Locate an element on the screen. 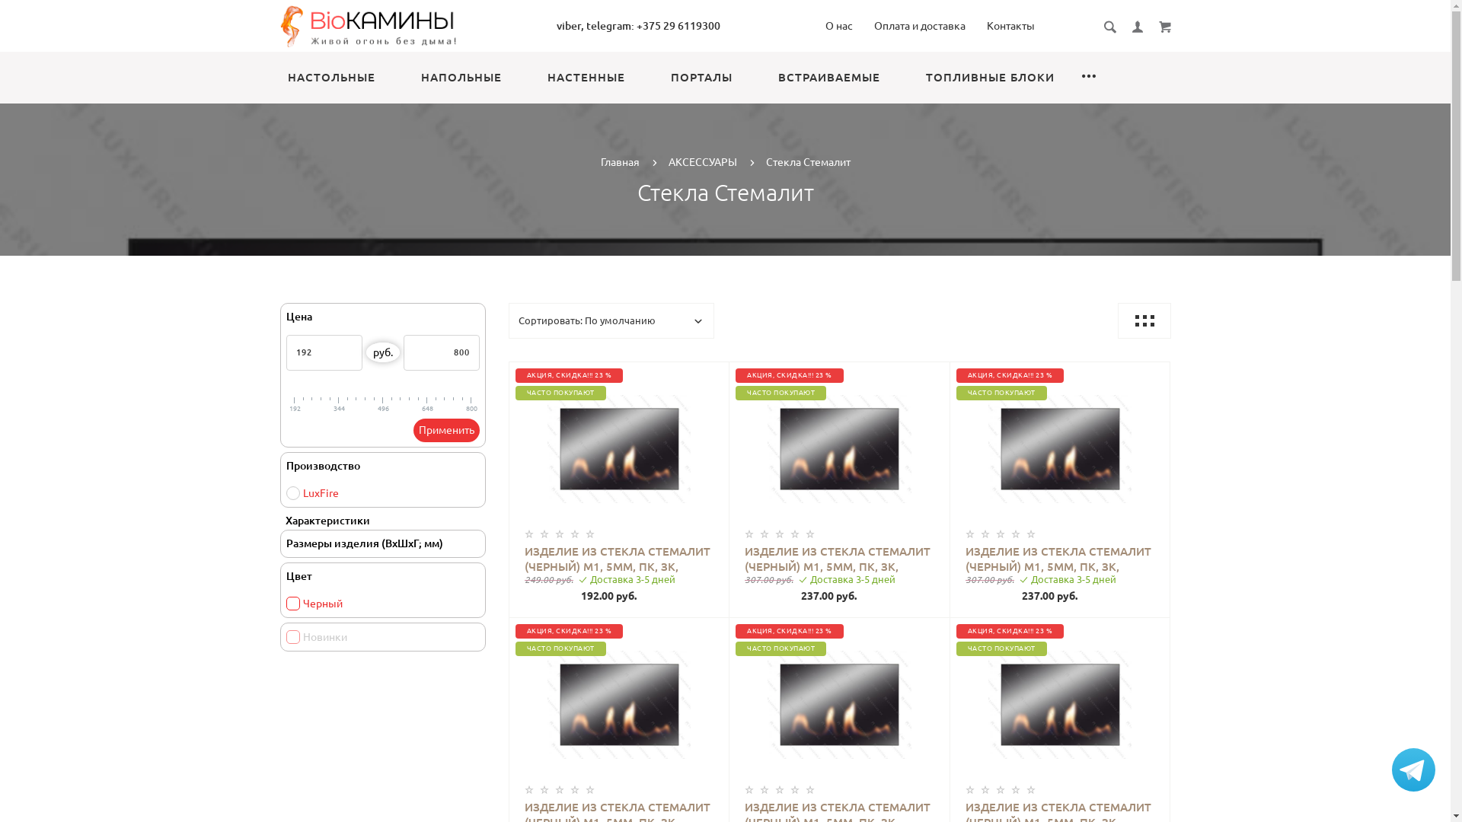 The image size is (1462, 822). 'viber, telegram: +375 29 6119300' is located at coordinates (638, 26).